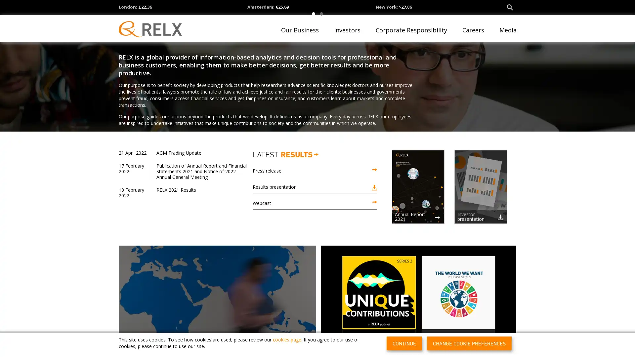 The width and height of the screenshot is (635, 357). Describe the element at coordinates (321, 14) in the screenshot. I see `2` at that location.